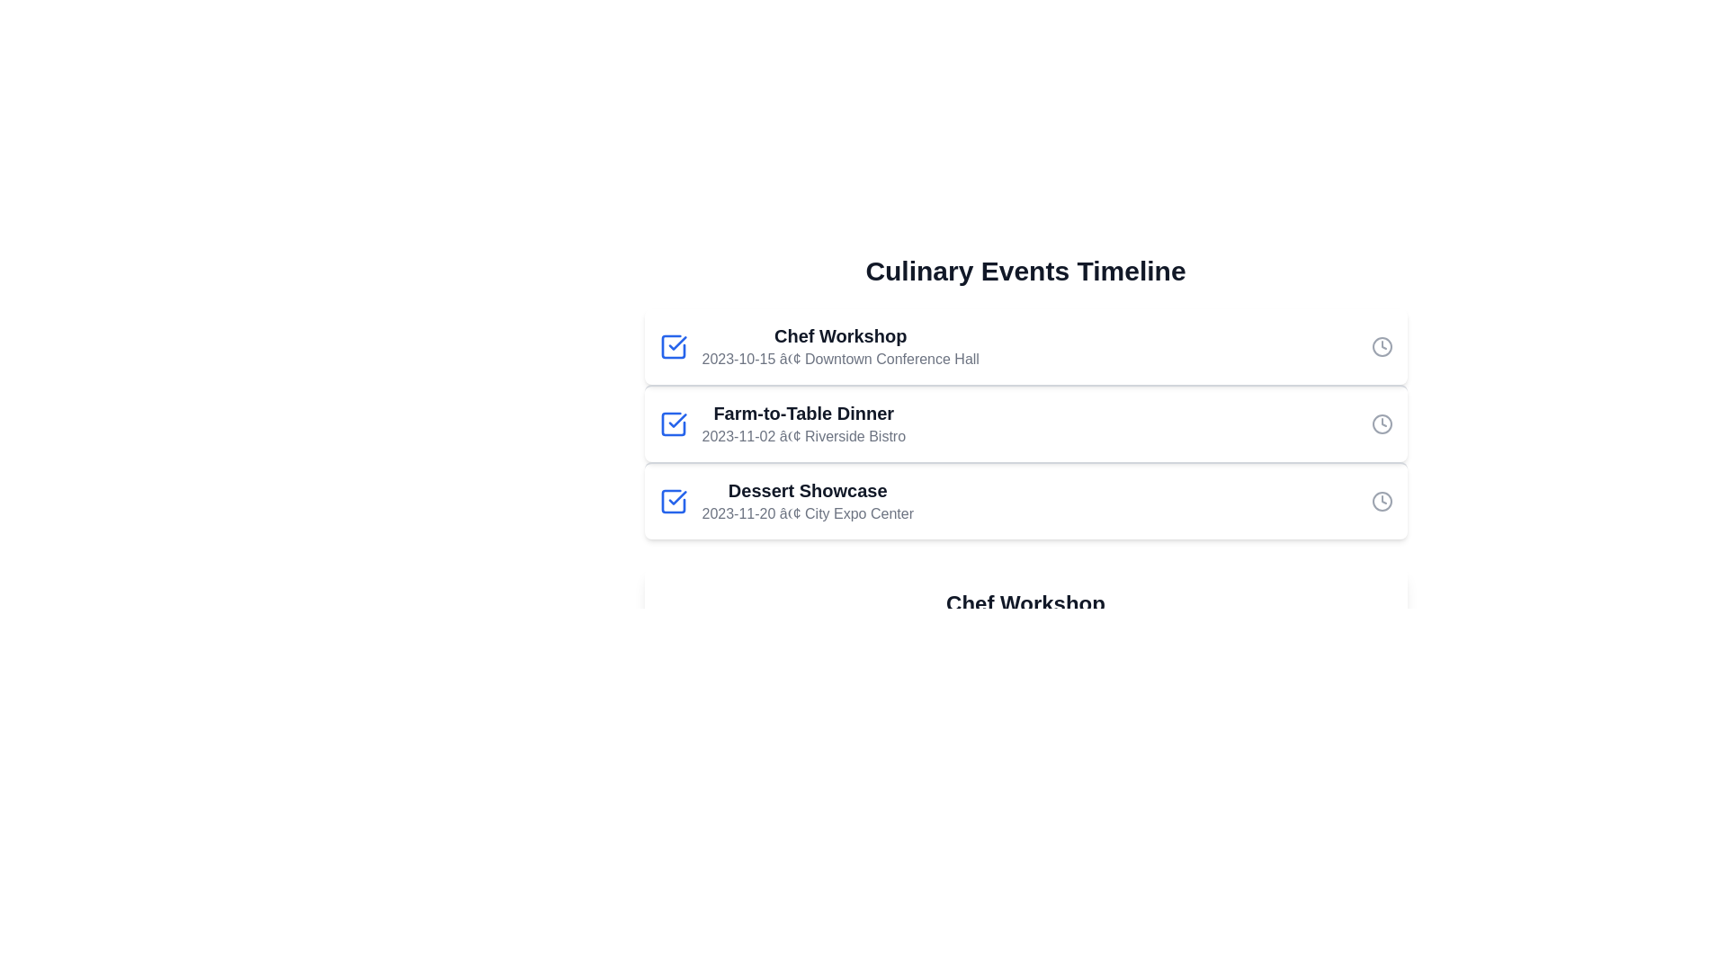  Describe the element at coordinates (1381, 346) in the screenshot. I see `properties of the center circle of the clock icon located in the top-right corner of the first row in the list layout` at that location.